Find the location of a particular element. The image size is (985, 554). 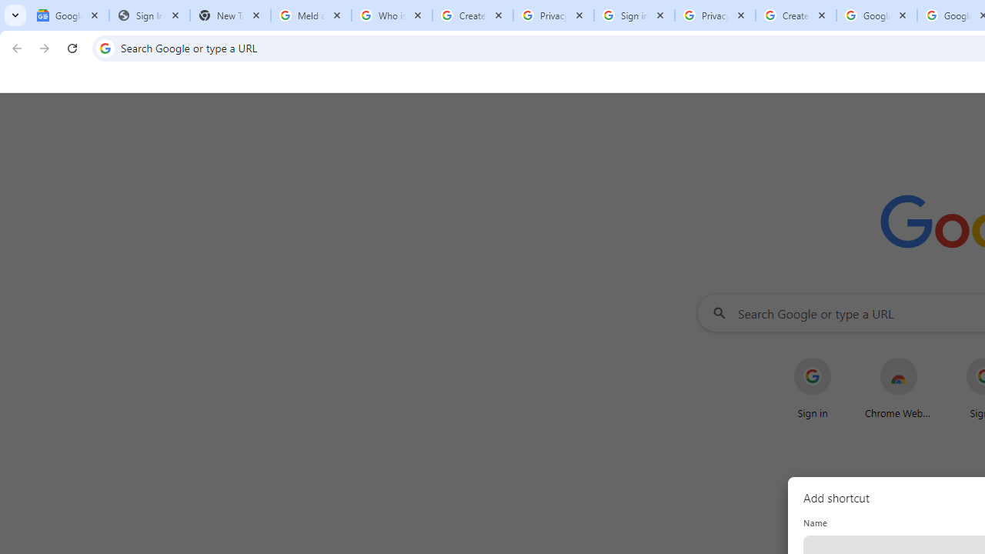

'New Tab' is located at coordinates (229, 15).